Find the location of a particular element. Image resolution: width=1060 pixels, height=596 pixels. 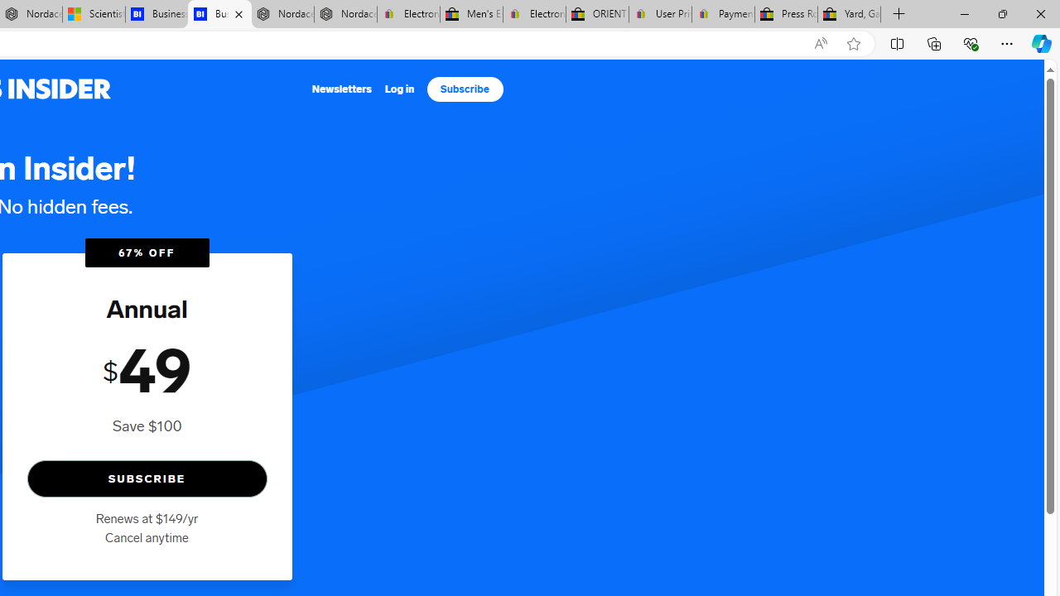

'Press Room - eBay Inc.' is located at coordinates (785, 14).